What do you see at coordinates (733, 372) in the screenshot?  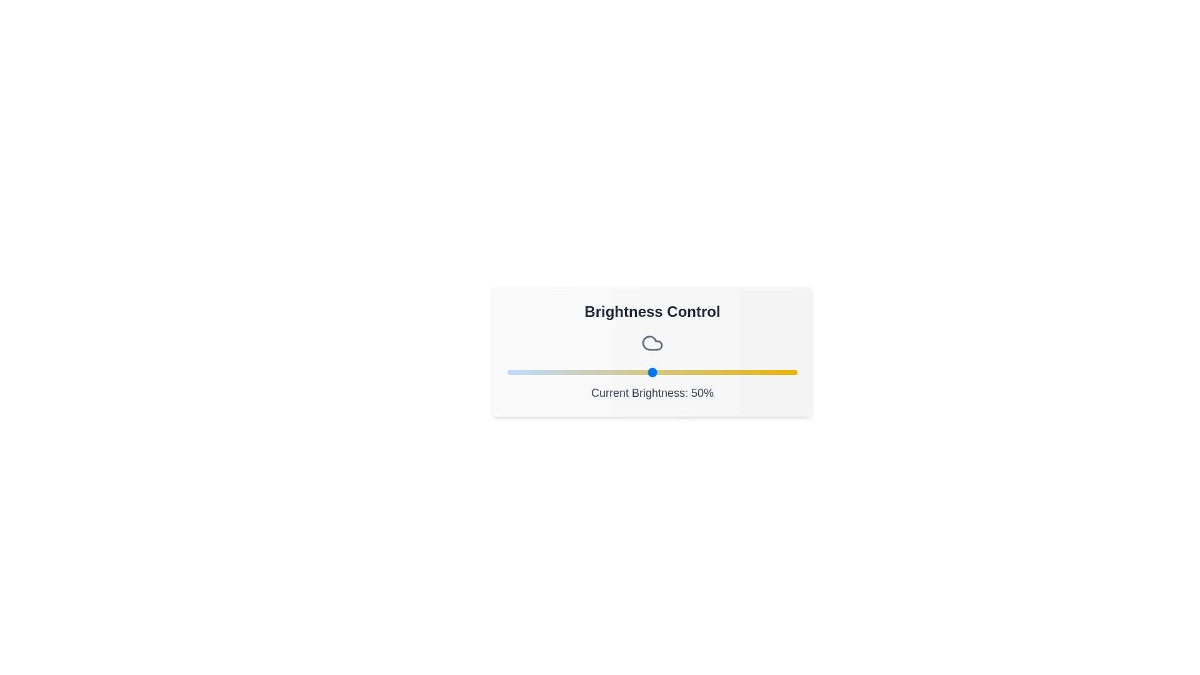 I see `the brightness slider to set the brightness to 78%` at bounding box center [733, 372].